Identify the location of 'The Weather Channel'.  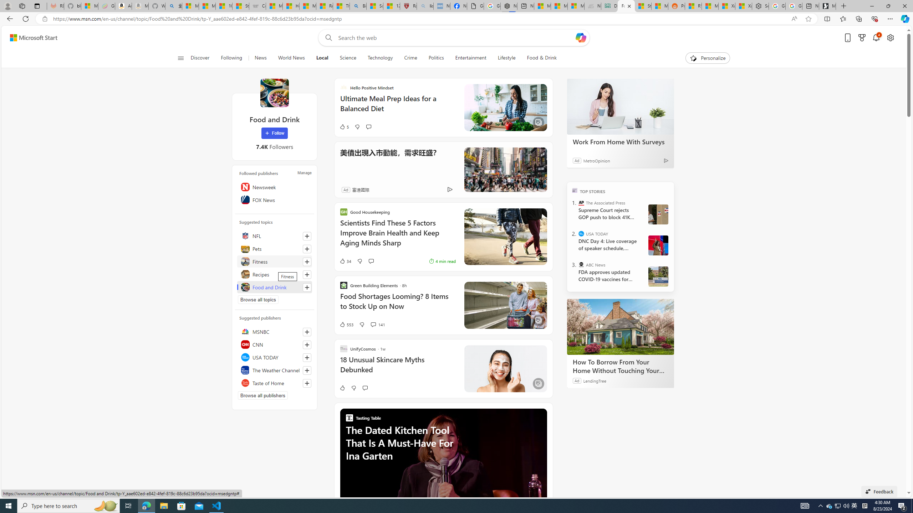
(275, 369).